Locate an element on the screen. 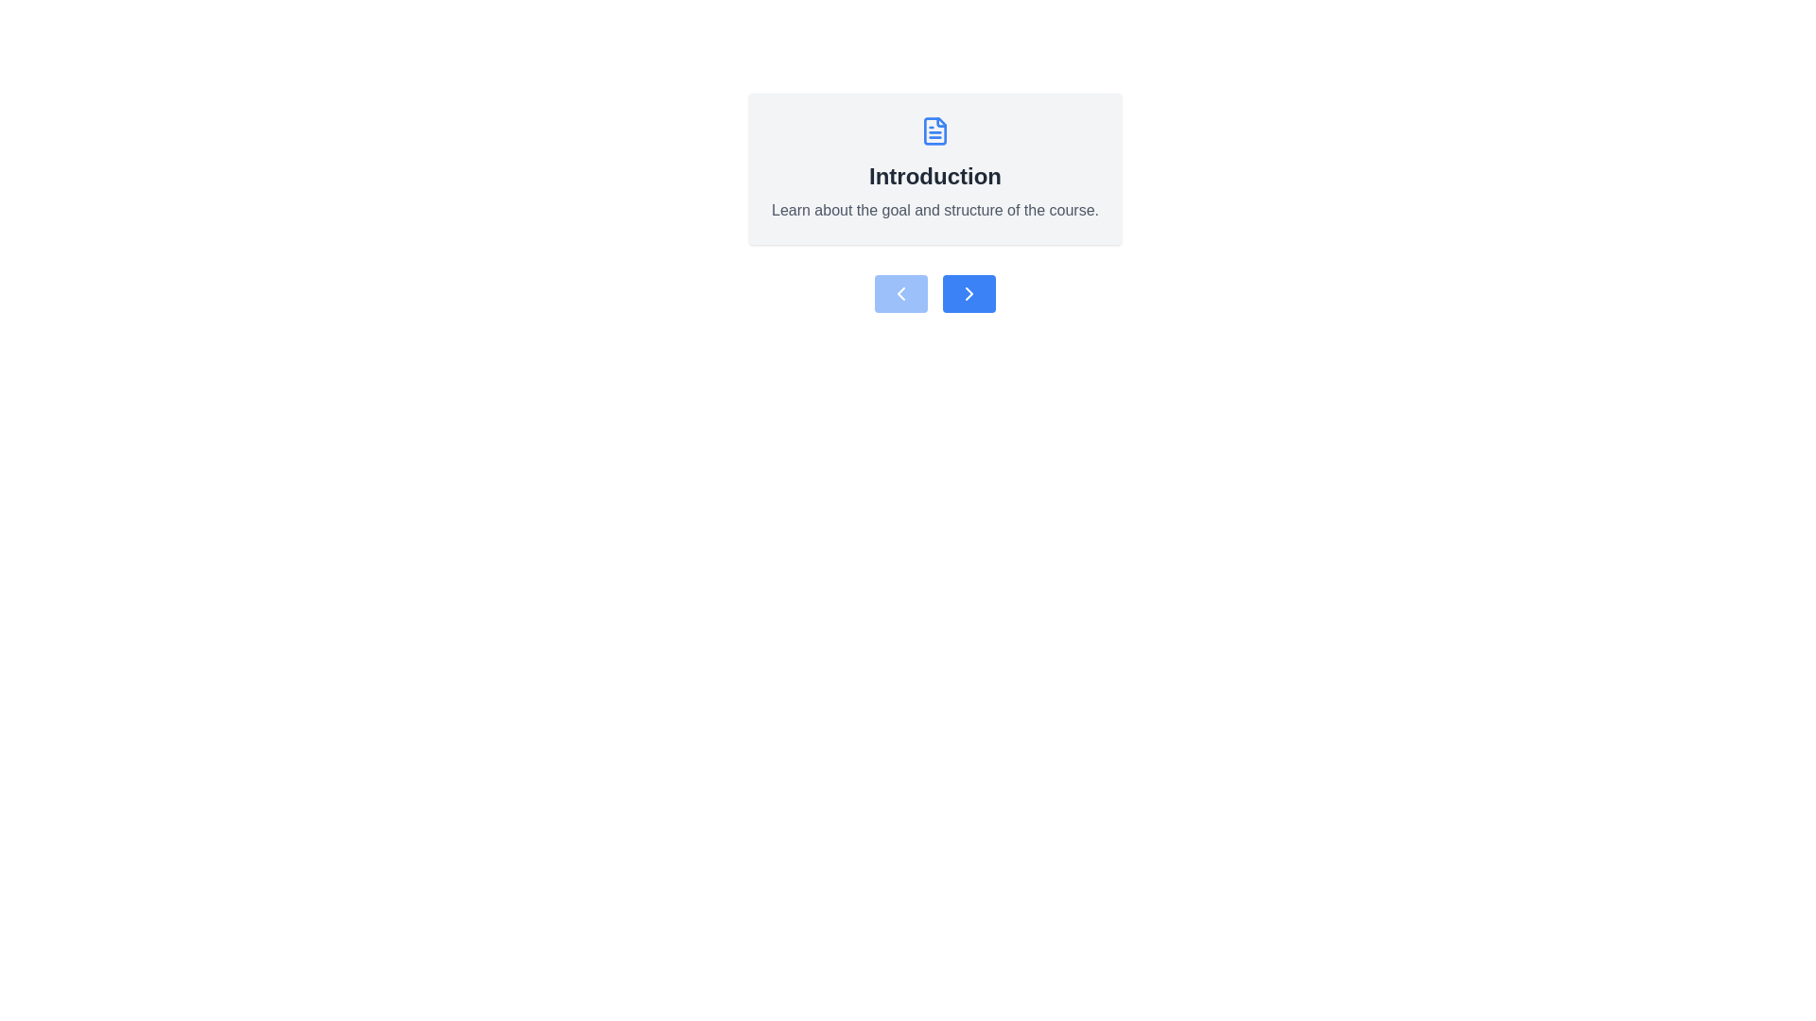 The width and height of the screenshot is (1816, 1021). the main rectangular body of the document icon, which is styled in blue and white, located centrally above the 'Introduction' text is located at coordinates (934, 130).